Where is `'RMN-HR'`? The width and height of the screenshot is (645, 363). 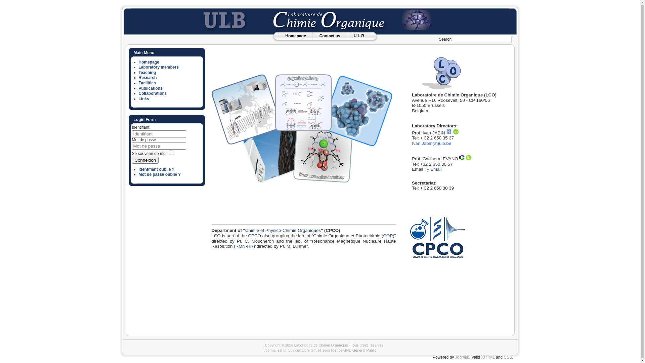 'RMN-HR' is located at coordinates (244, 246).